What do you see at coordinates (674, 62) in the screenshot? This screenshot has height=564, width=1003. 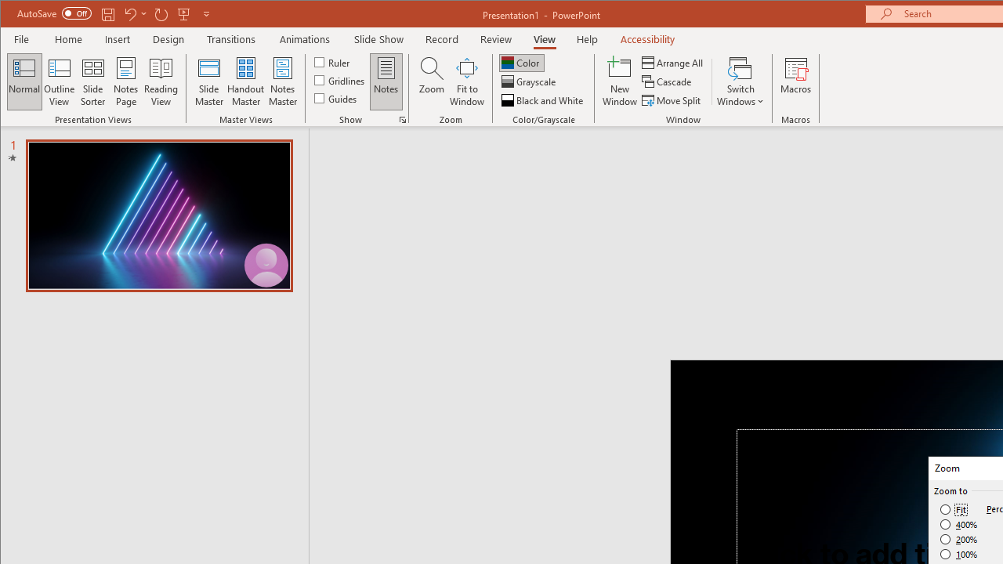 I see `'Arrange All'` at bounding box center [674, 62].